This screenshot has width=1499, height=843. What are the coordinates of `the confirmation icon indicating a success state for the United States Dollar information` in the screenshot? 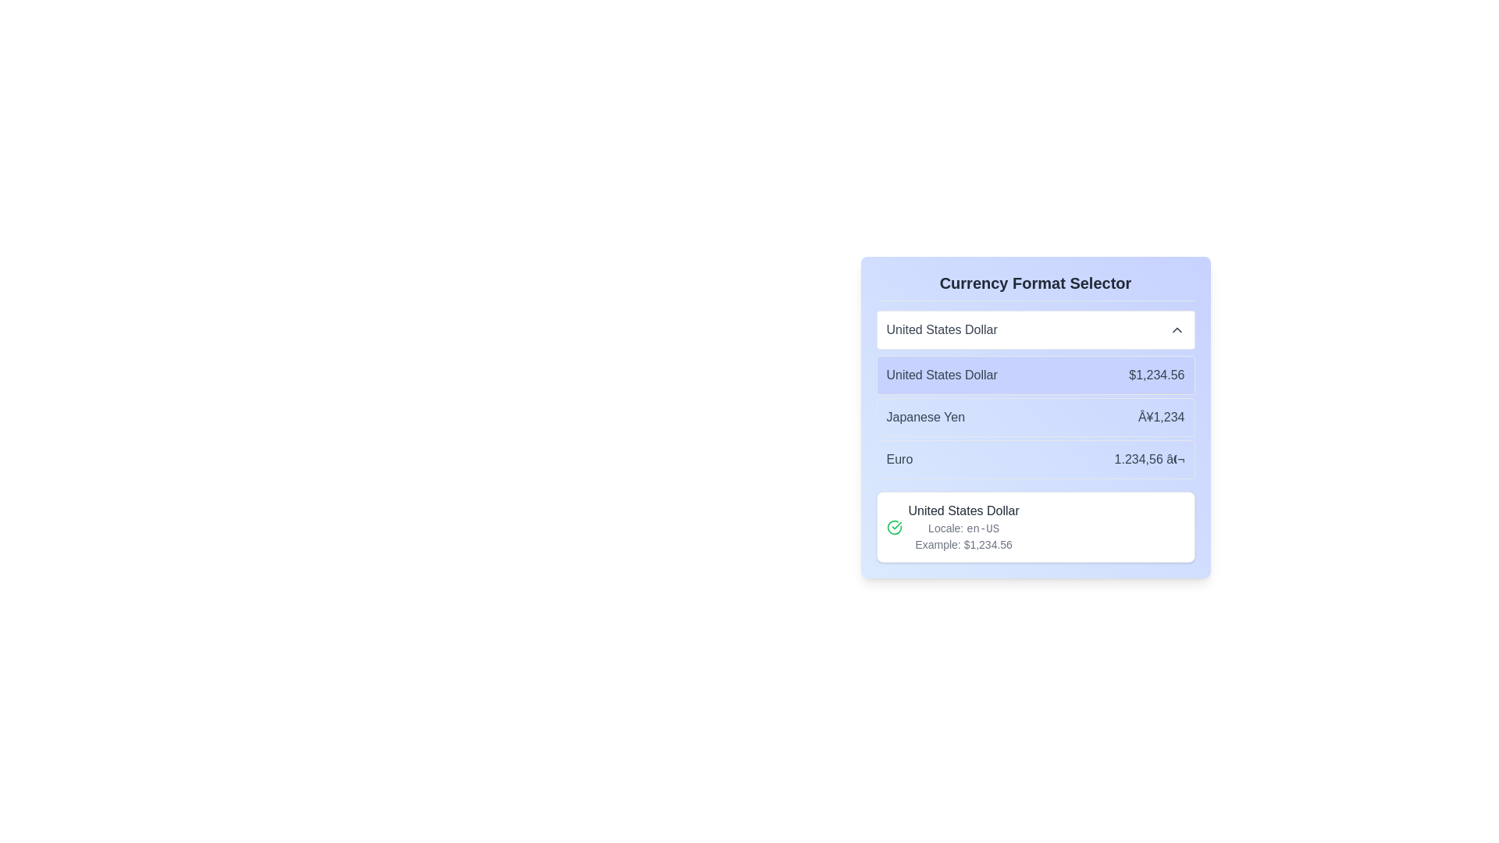 It's located at (894, 527).